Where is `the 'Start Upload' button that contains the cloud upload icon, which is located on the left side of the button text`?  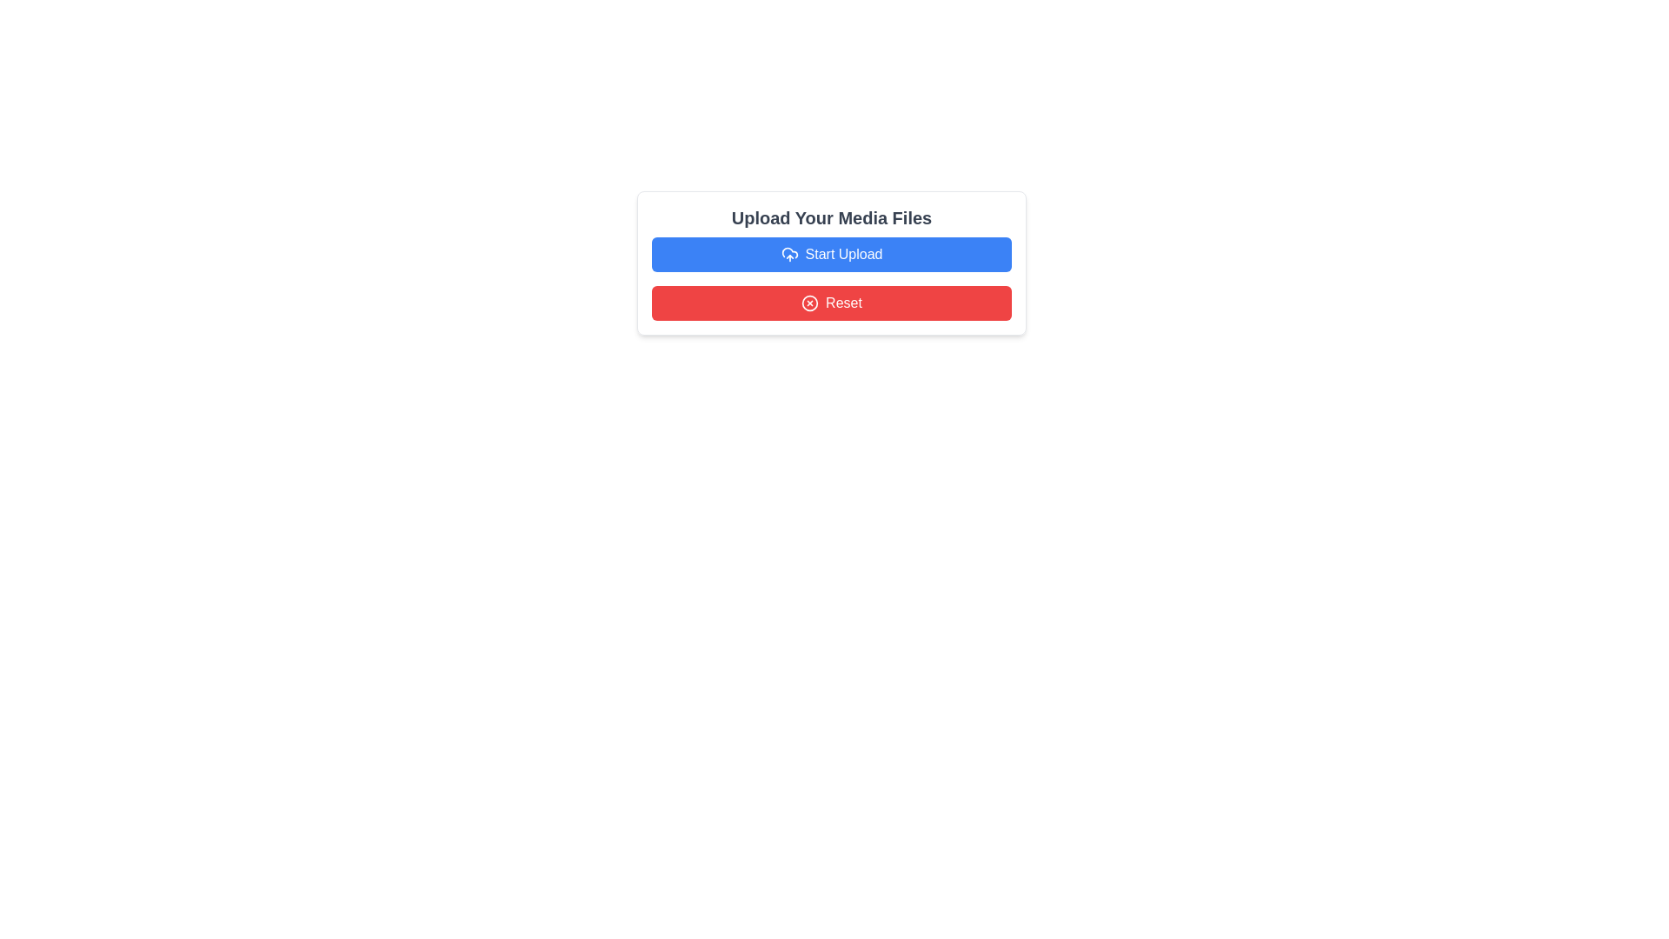 the 'Start Upload' button that contains the cloud upload icon, which is located on the left side of the button text is located at coordinates (788, 255).